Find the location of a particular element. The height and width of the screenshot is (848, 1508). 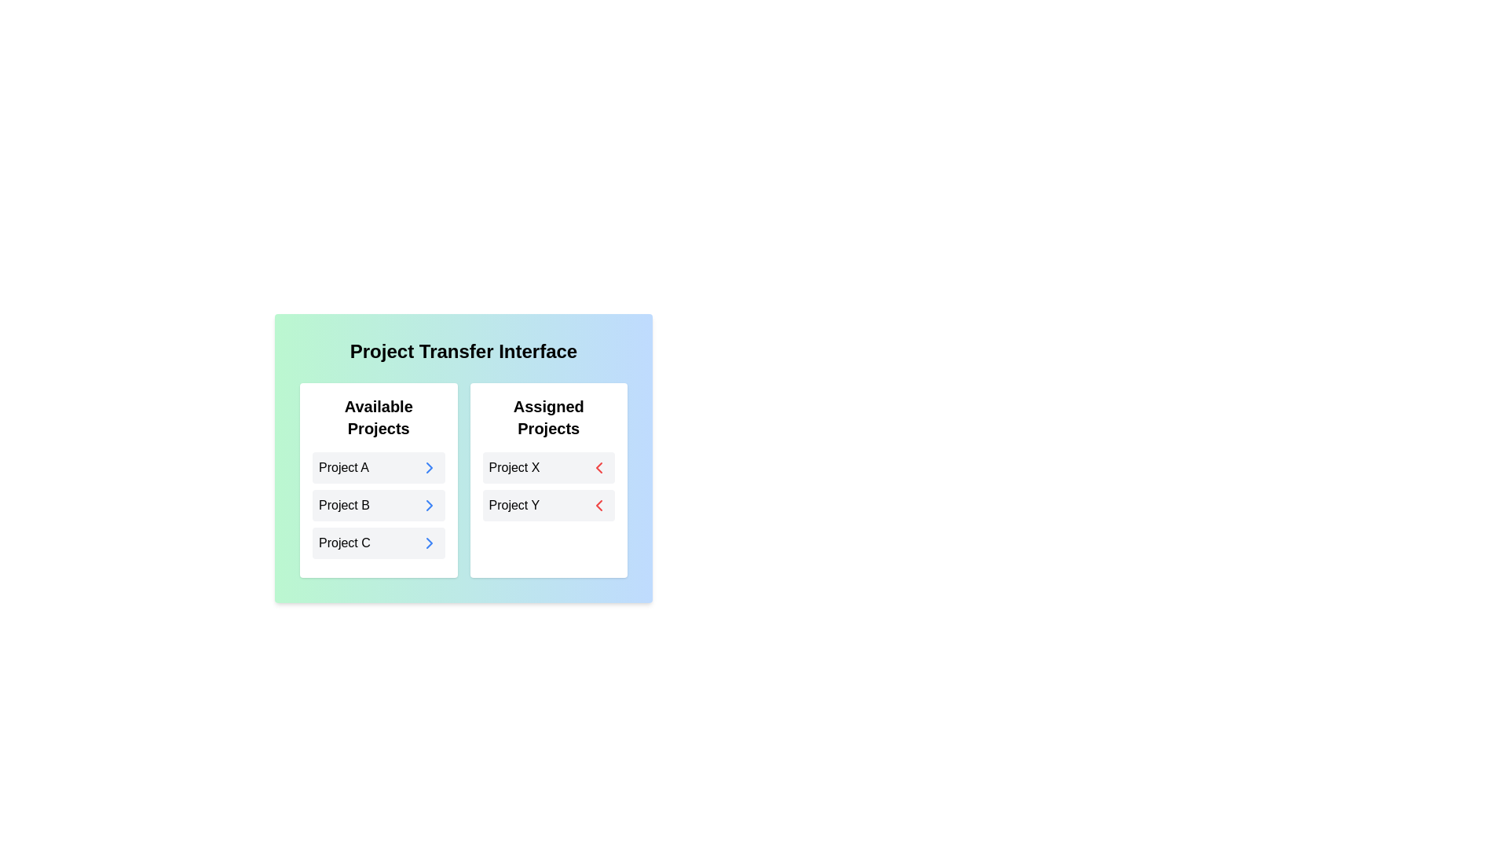

the leftward chevron arrow icon located beside the 'Project X' label in the 'Assigned Projects' section is located at coordinates (598, 506).